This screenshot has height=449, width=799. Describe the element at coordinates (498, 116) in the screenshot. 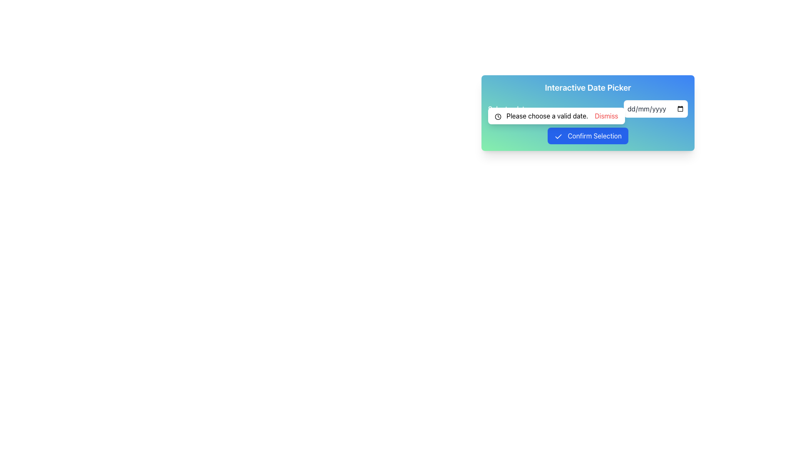

I see `the circular outline of the clock icon, which is part of the clock SVG, located to the left of the error message 'Please choose a valid date.'` at that location.